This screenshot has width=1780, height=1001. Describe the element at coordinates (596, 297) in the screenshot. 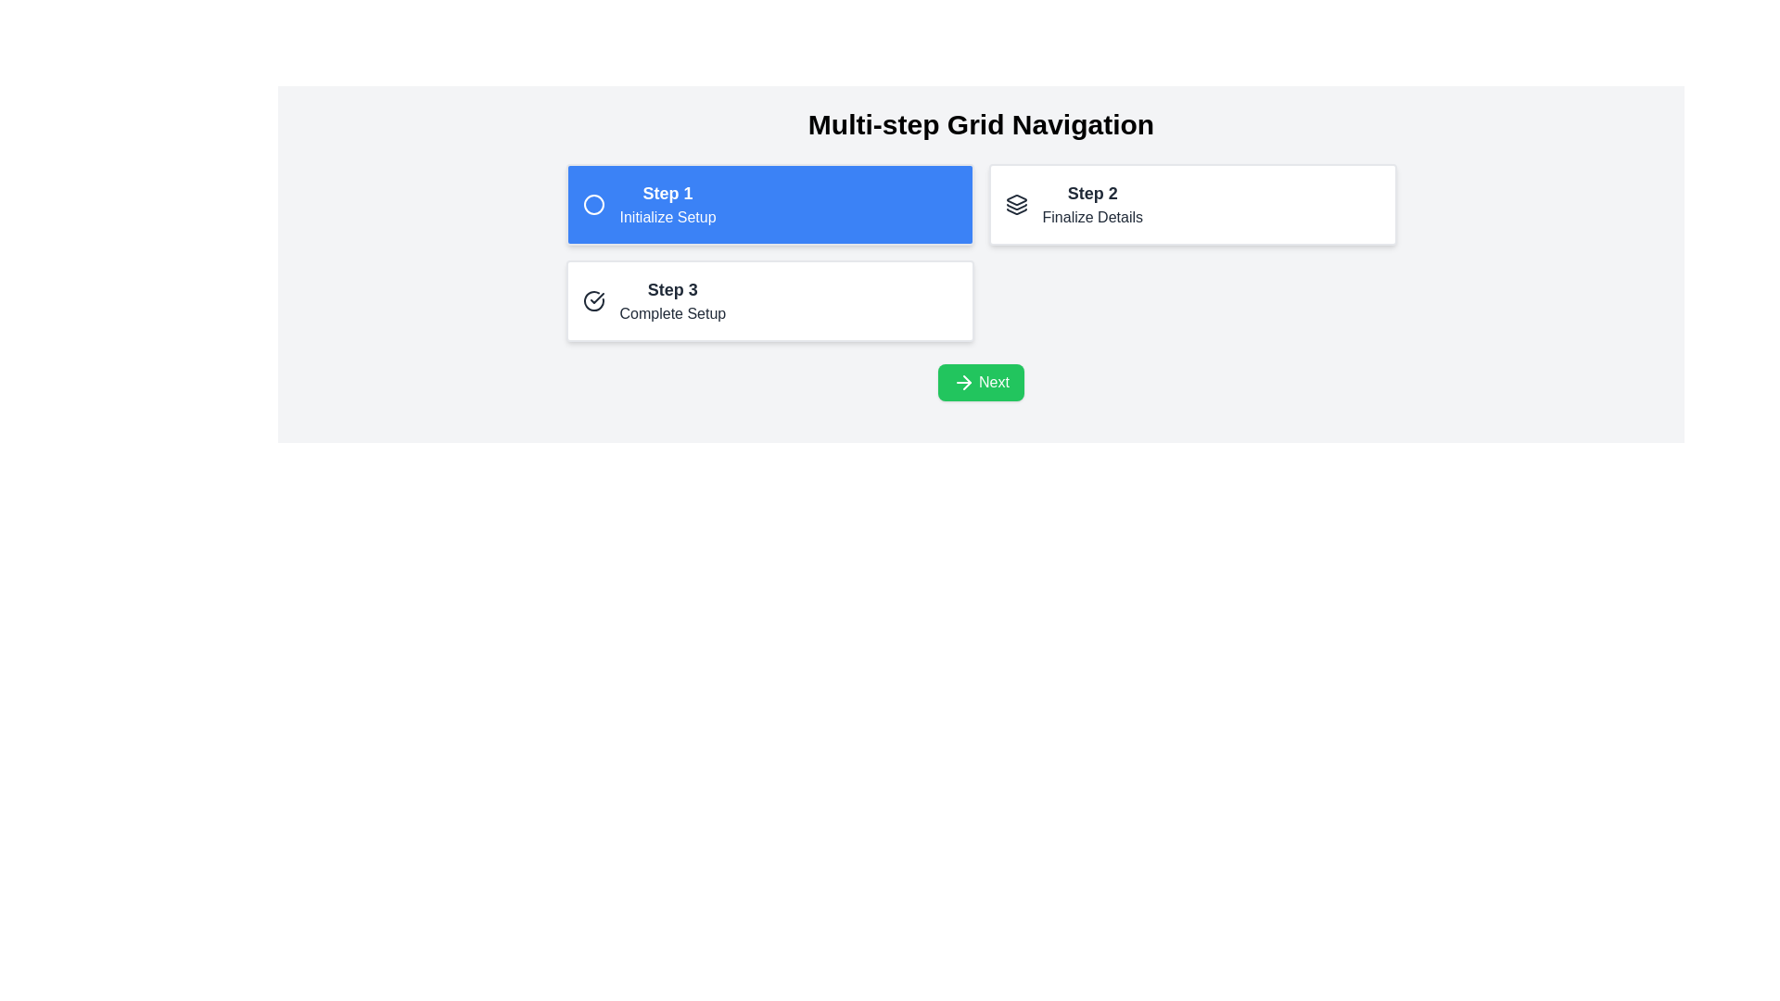

I see `the checkmark-shaped graphical vector within the circular icon located to the left of the text 'Step 3 Complete Setup' in the third section of the multi-step navigation interface` at that location.